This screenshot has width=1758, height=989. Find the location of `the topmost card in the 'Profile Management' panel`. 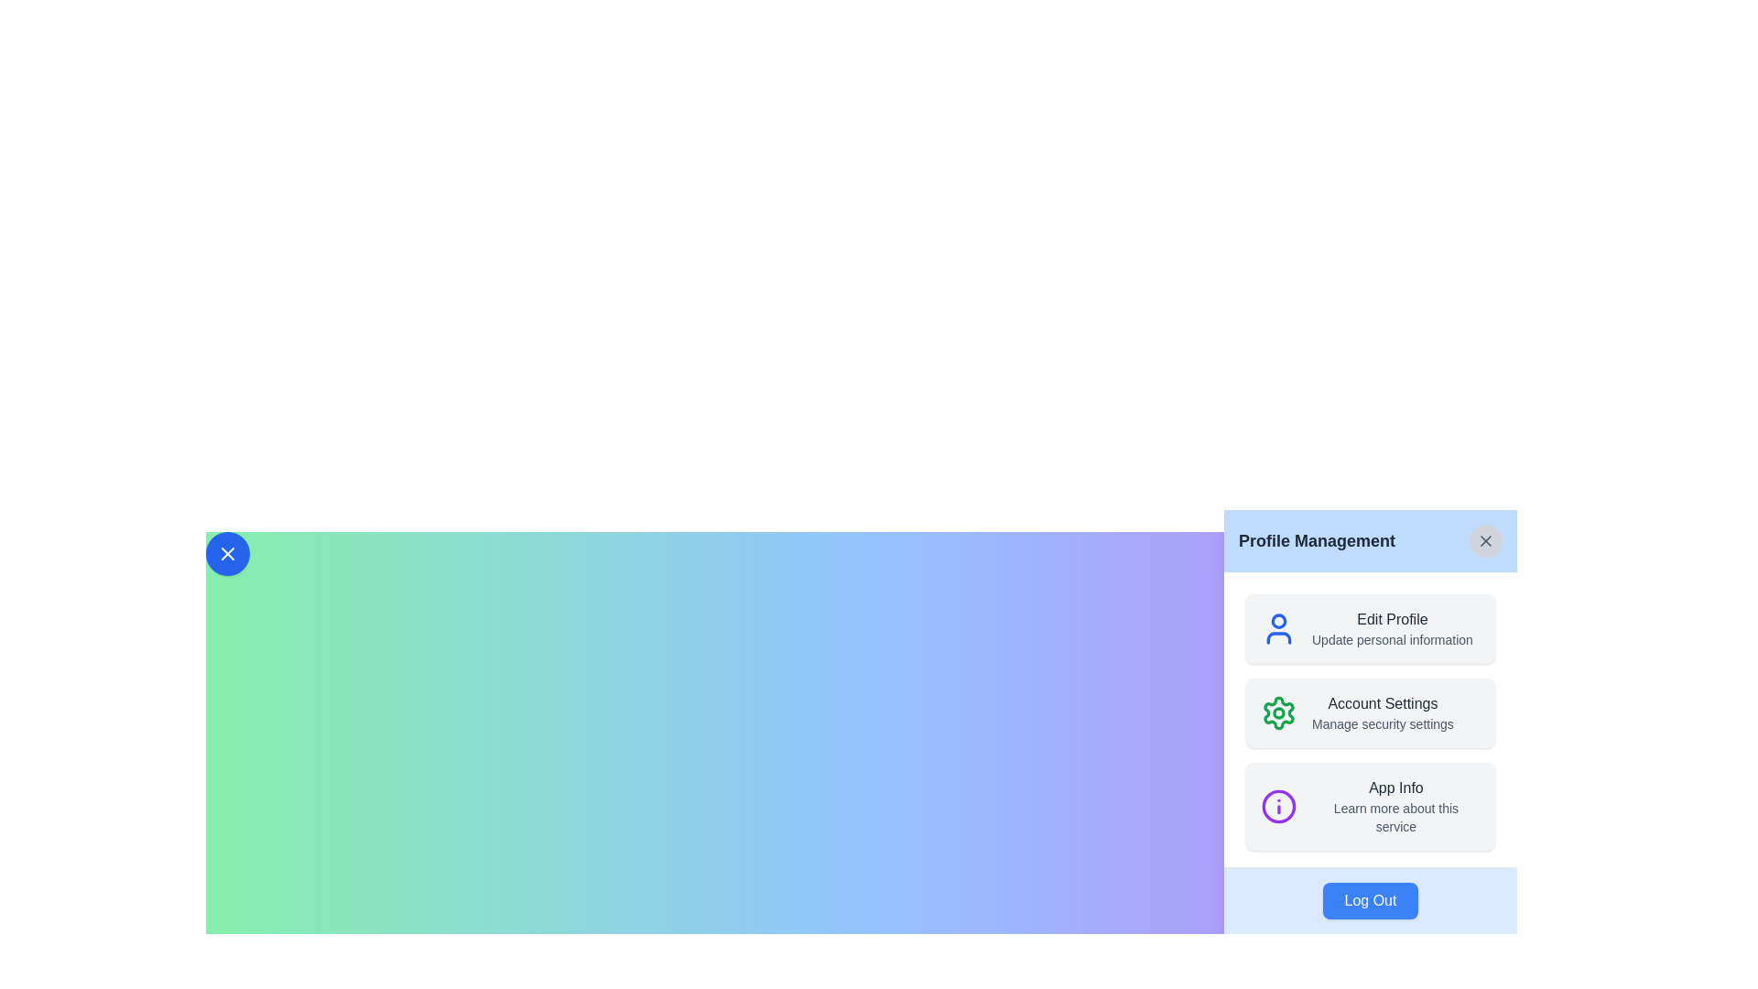

the topmost card in the 'Profile Management' panel is located at coordinates (1371, 627).